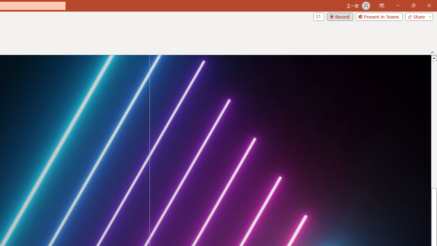  What do you see at coordinates (318, 16) in the screenshot?
I see `'Comments'` at bounding box center [318, 16].